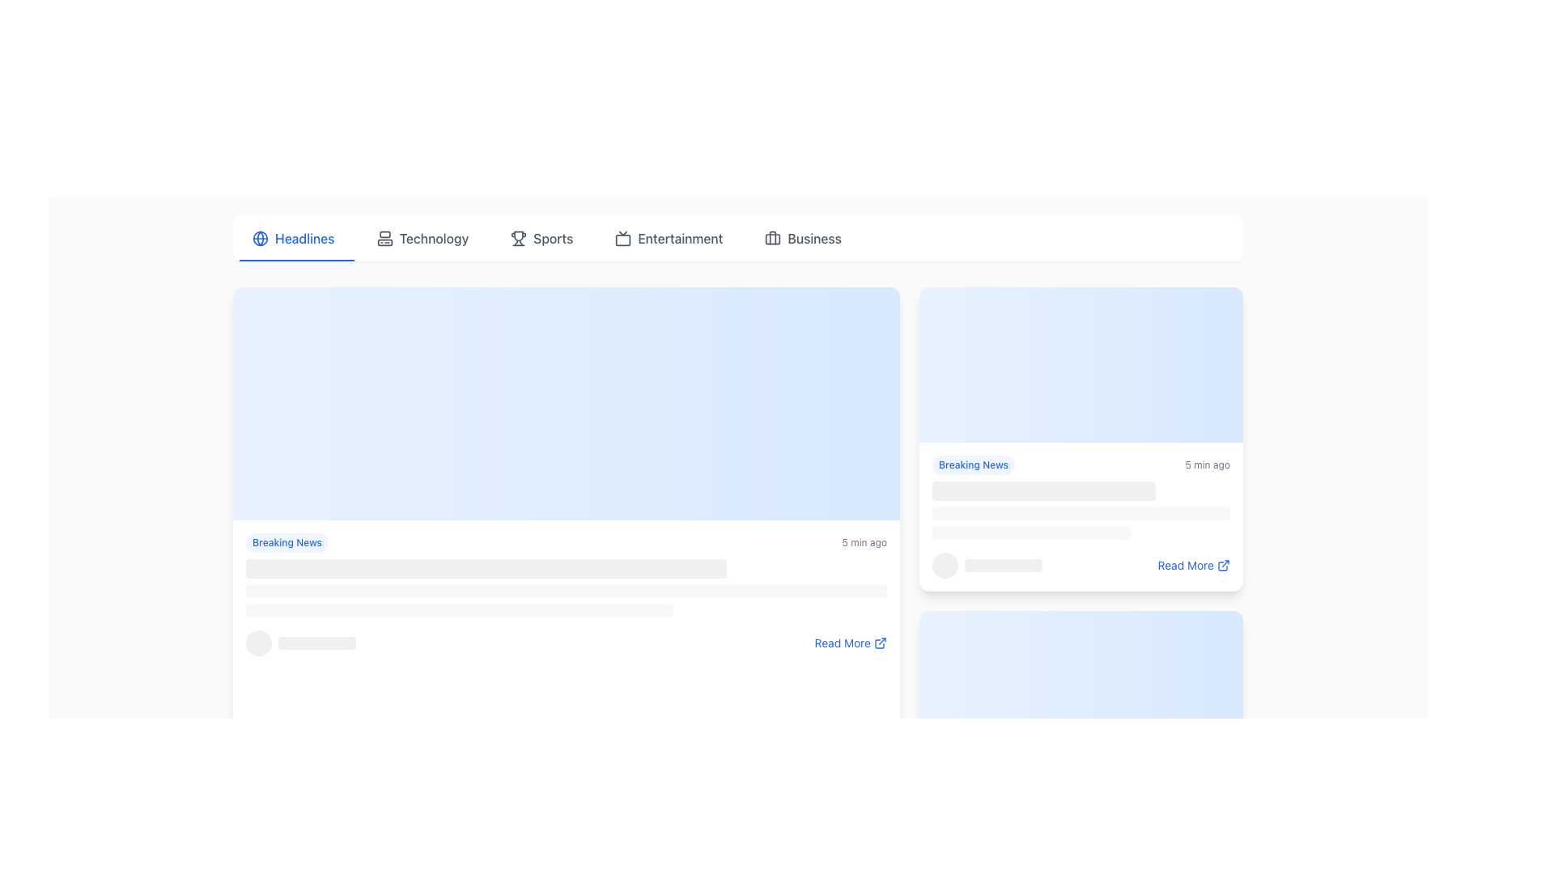  I want to click on the central circular shape within the globe icon located in the navigation bar next to the 'Headlines' text, so click(260, 238).